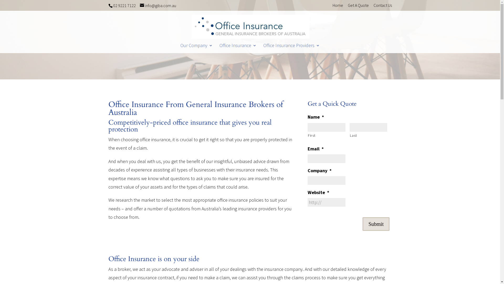 This screenshot has width=504, height=284. I want to click on 'Home', so click(338, 7).